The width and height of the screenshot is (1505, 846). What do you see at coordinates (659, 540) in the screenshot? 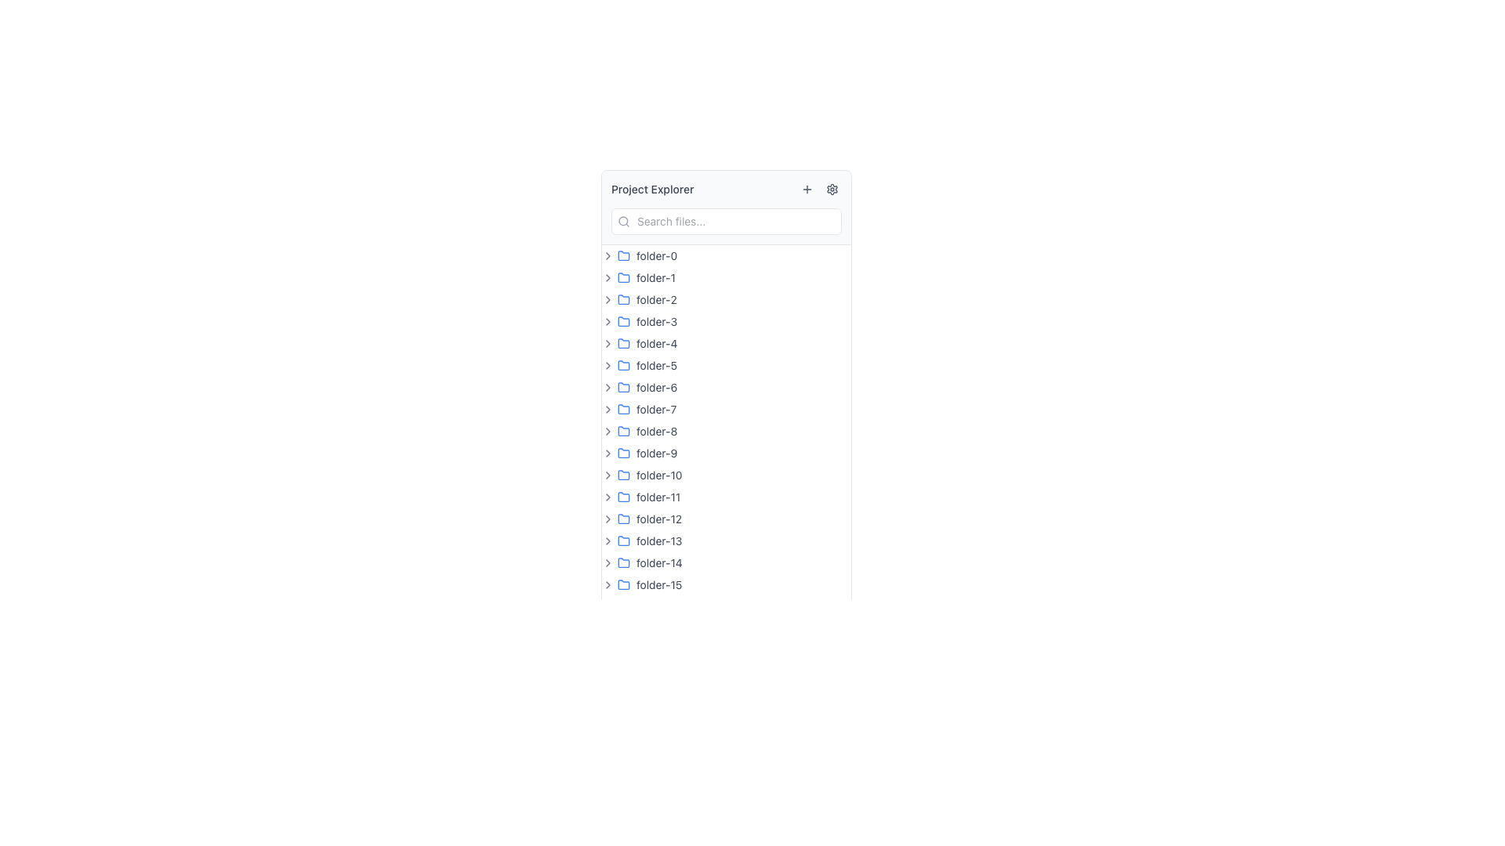
I see `the text label for the folder titled 'folder-13'` at bounding box center [659, 540].